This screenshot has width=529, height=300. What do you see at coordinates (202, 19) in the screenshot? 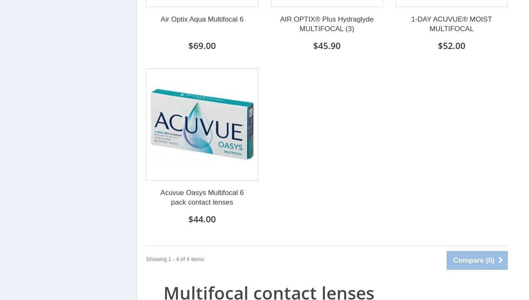
I see `'Air Optix Aqua Multifocal 6'` at bounding box center [202, 19].